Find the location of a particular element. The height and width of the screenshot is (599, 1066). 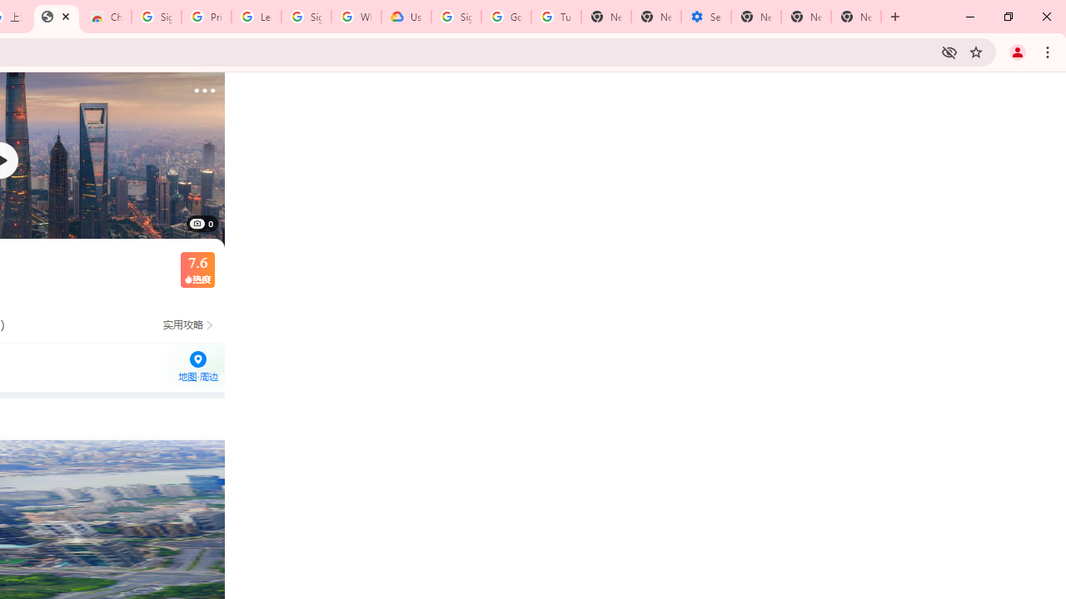

'Who are Google' is located at coordinates (356, 17).